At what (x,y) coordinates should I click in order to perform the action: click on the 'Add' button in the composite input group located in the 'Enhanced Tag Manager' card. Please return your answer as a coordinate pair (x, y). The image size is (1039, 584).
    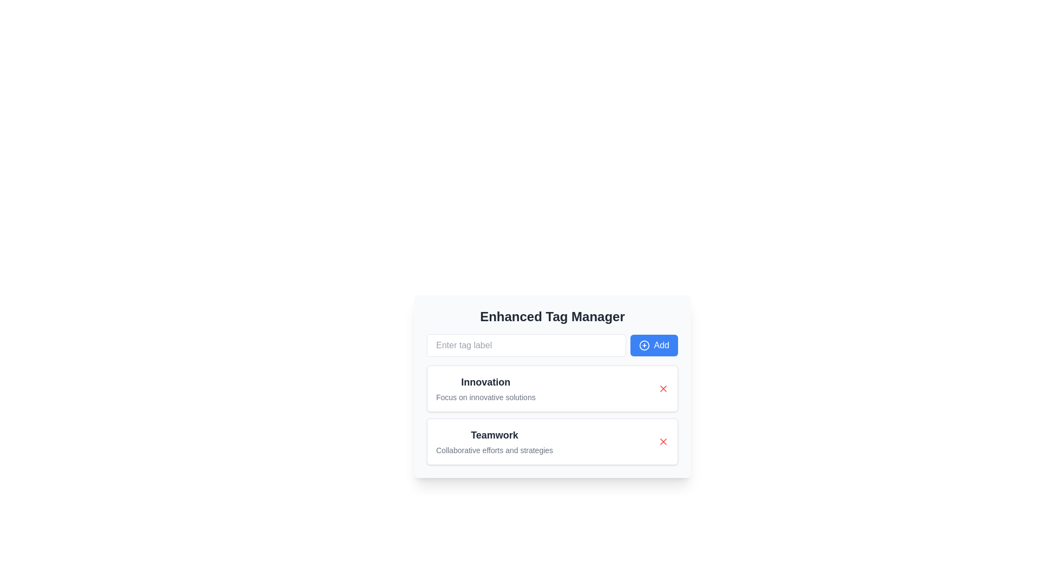
    Looking at the image, I should click on (553, 346).